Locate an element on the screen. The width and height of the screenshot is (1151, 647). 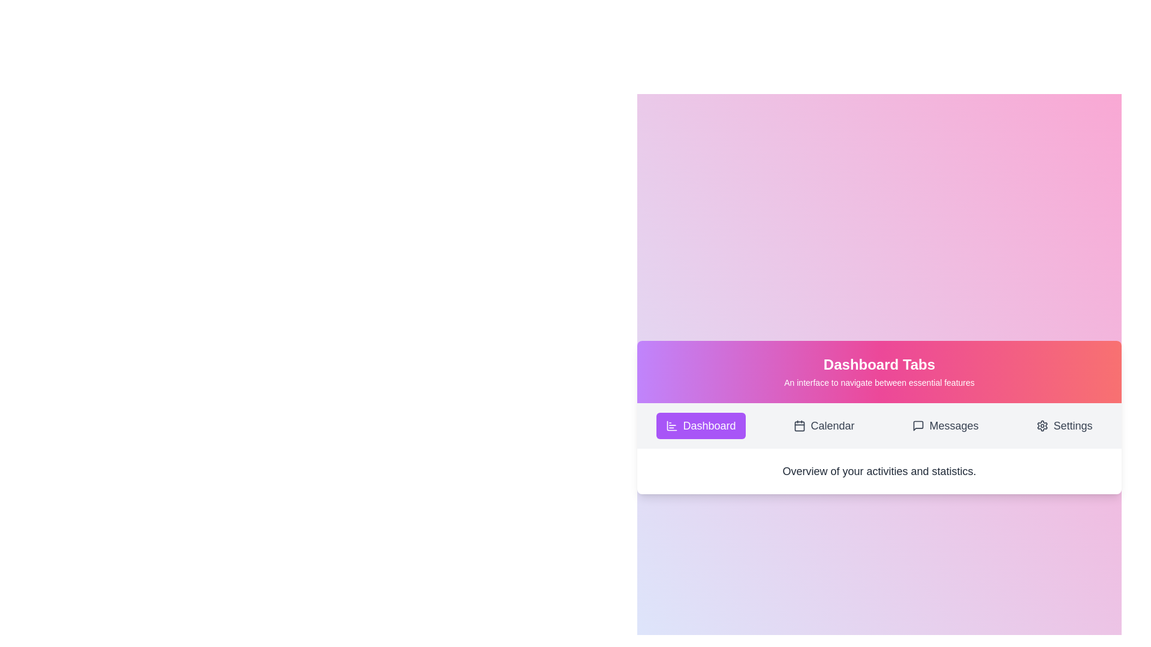
text label displaying 'Settings' in dark grey sans-serif font located near the bottom right corner of the interface, adjacent to the settings gear icon is located at coordinates (1073, 425).